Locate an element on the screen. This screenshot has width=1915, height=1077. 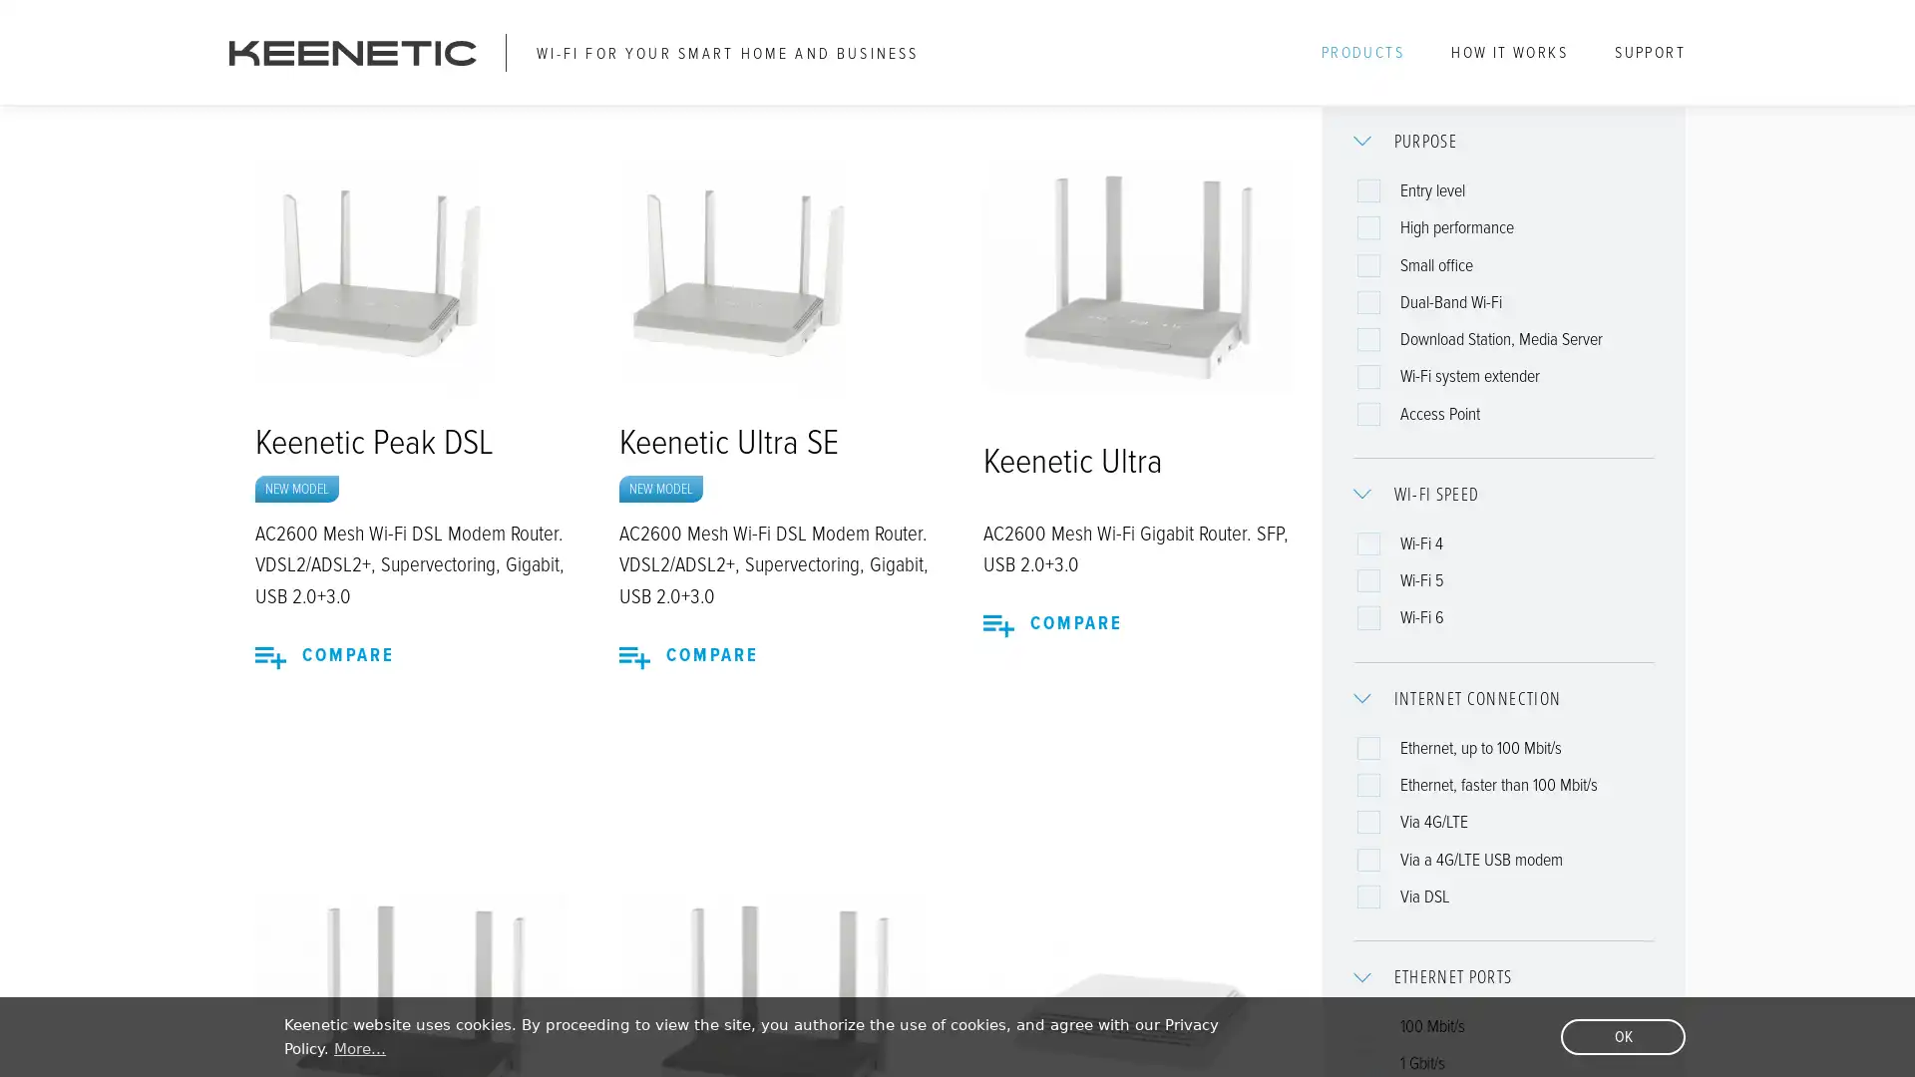
learn more about cookies is located at coordinates (359, 1048).